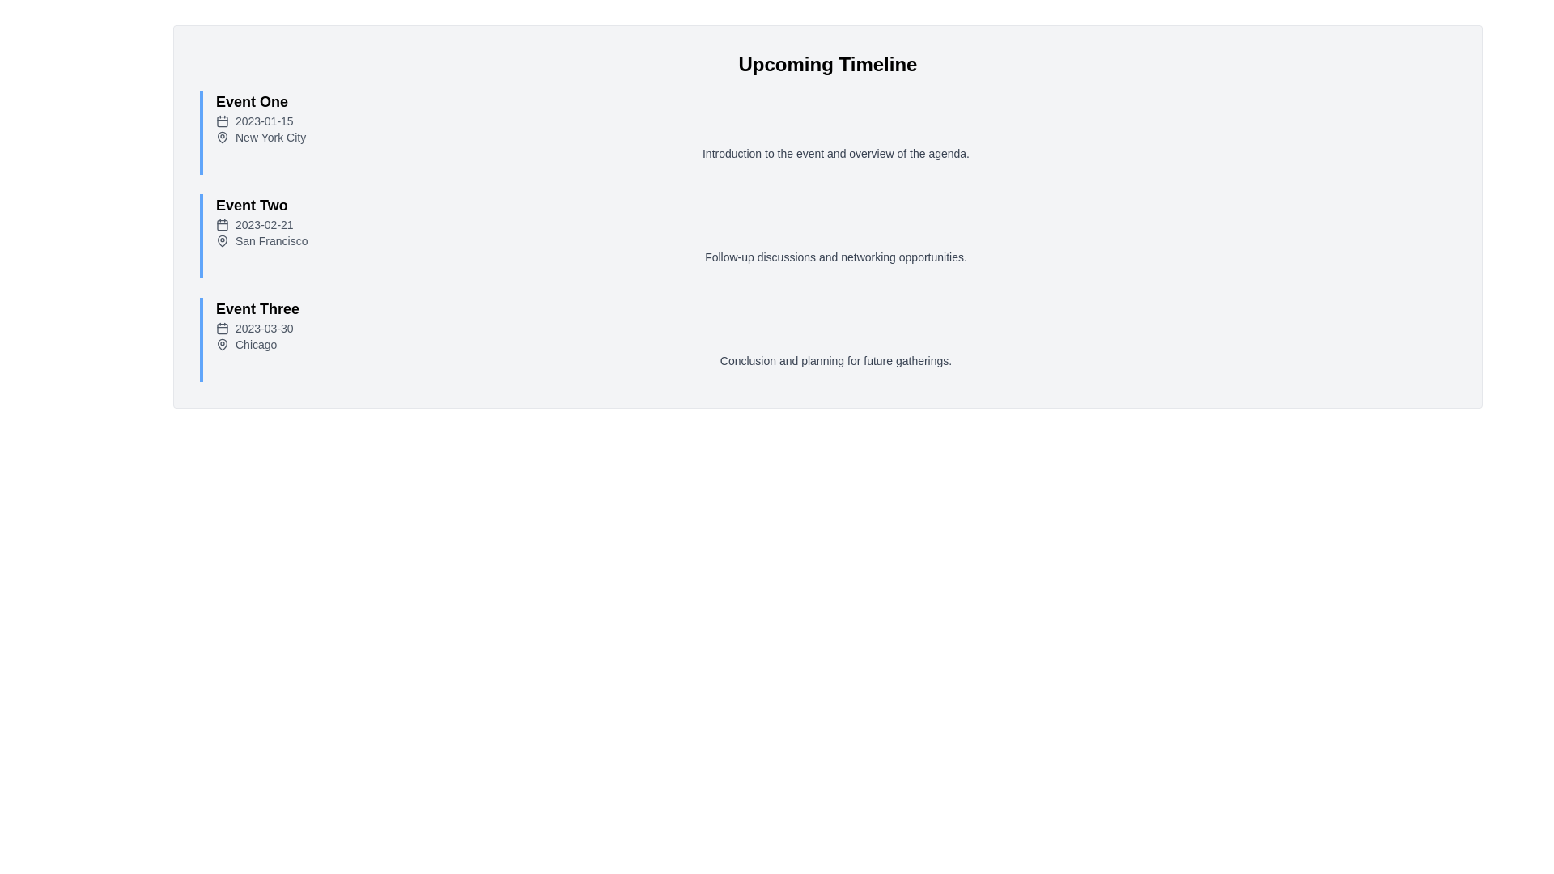  Describe the element at coordinates (835, 360) in the screenshot. I see `descriptive content text block located in the 'Event Three' section, directly beneath the 'Chicago' text` at that location.